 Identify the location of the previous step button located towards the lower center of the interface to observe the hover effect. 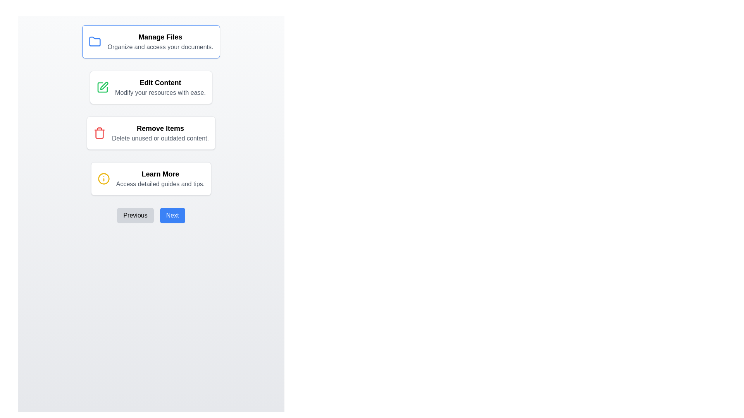
(135, 215).